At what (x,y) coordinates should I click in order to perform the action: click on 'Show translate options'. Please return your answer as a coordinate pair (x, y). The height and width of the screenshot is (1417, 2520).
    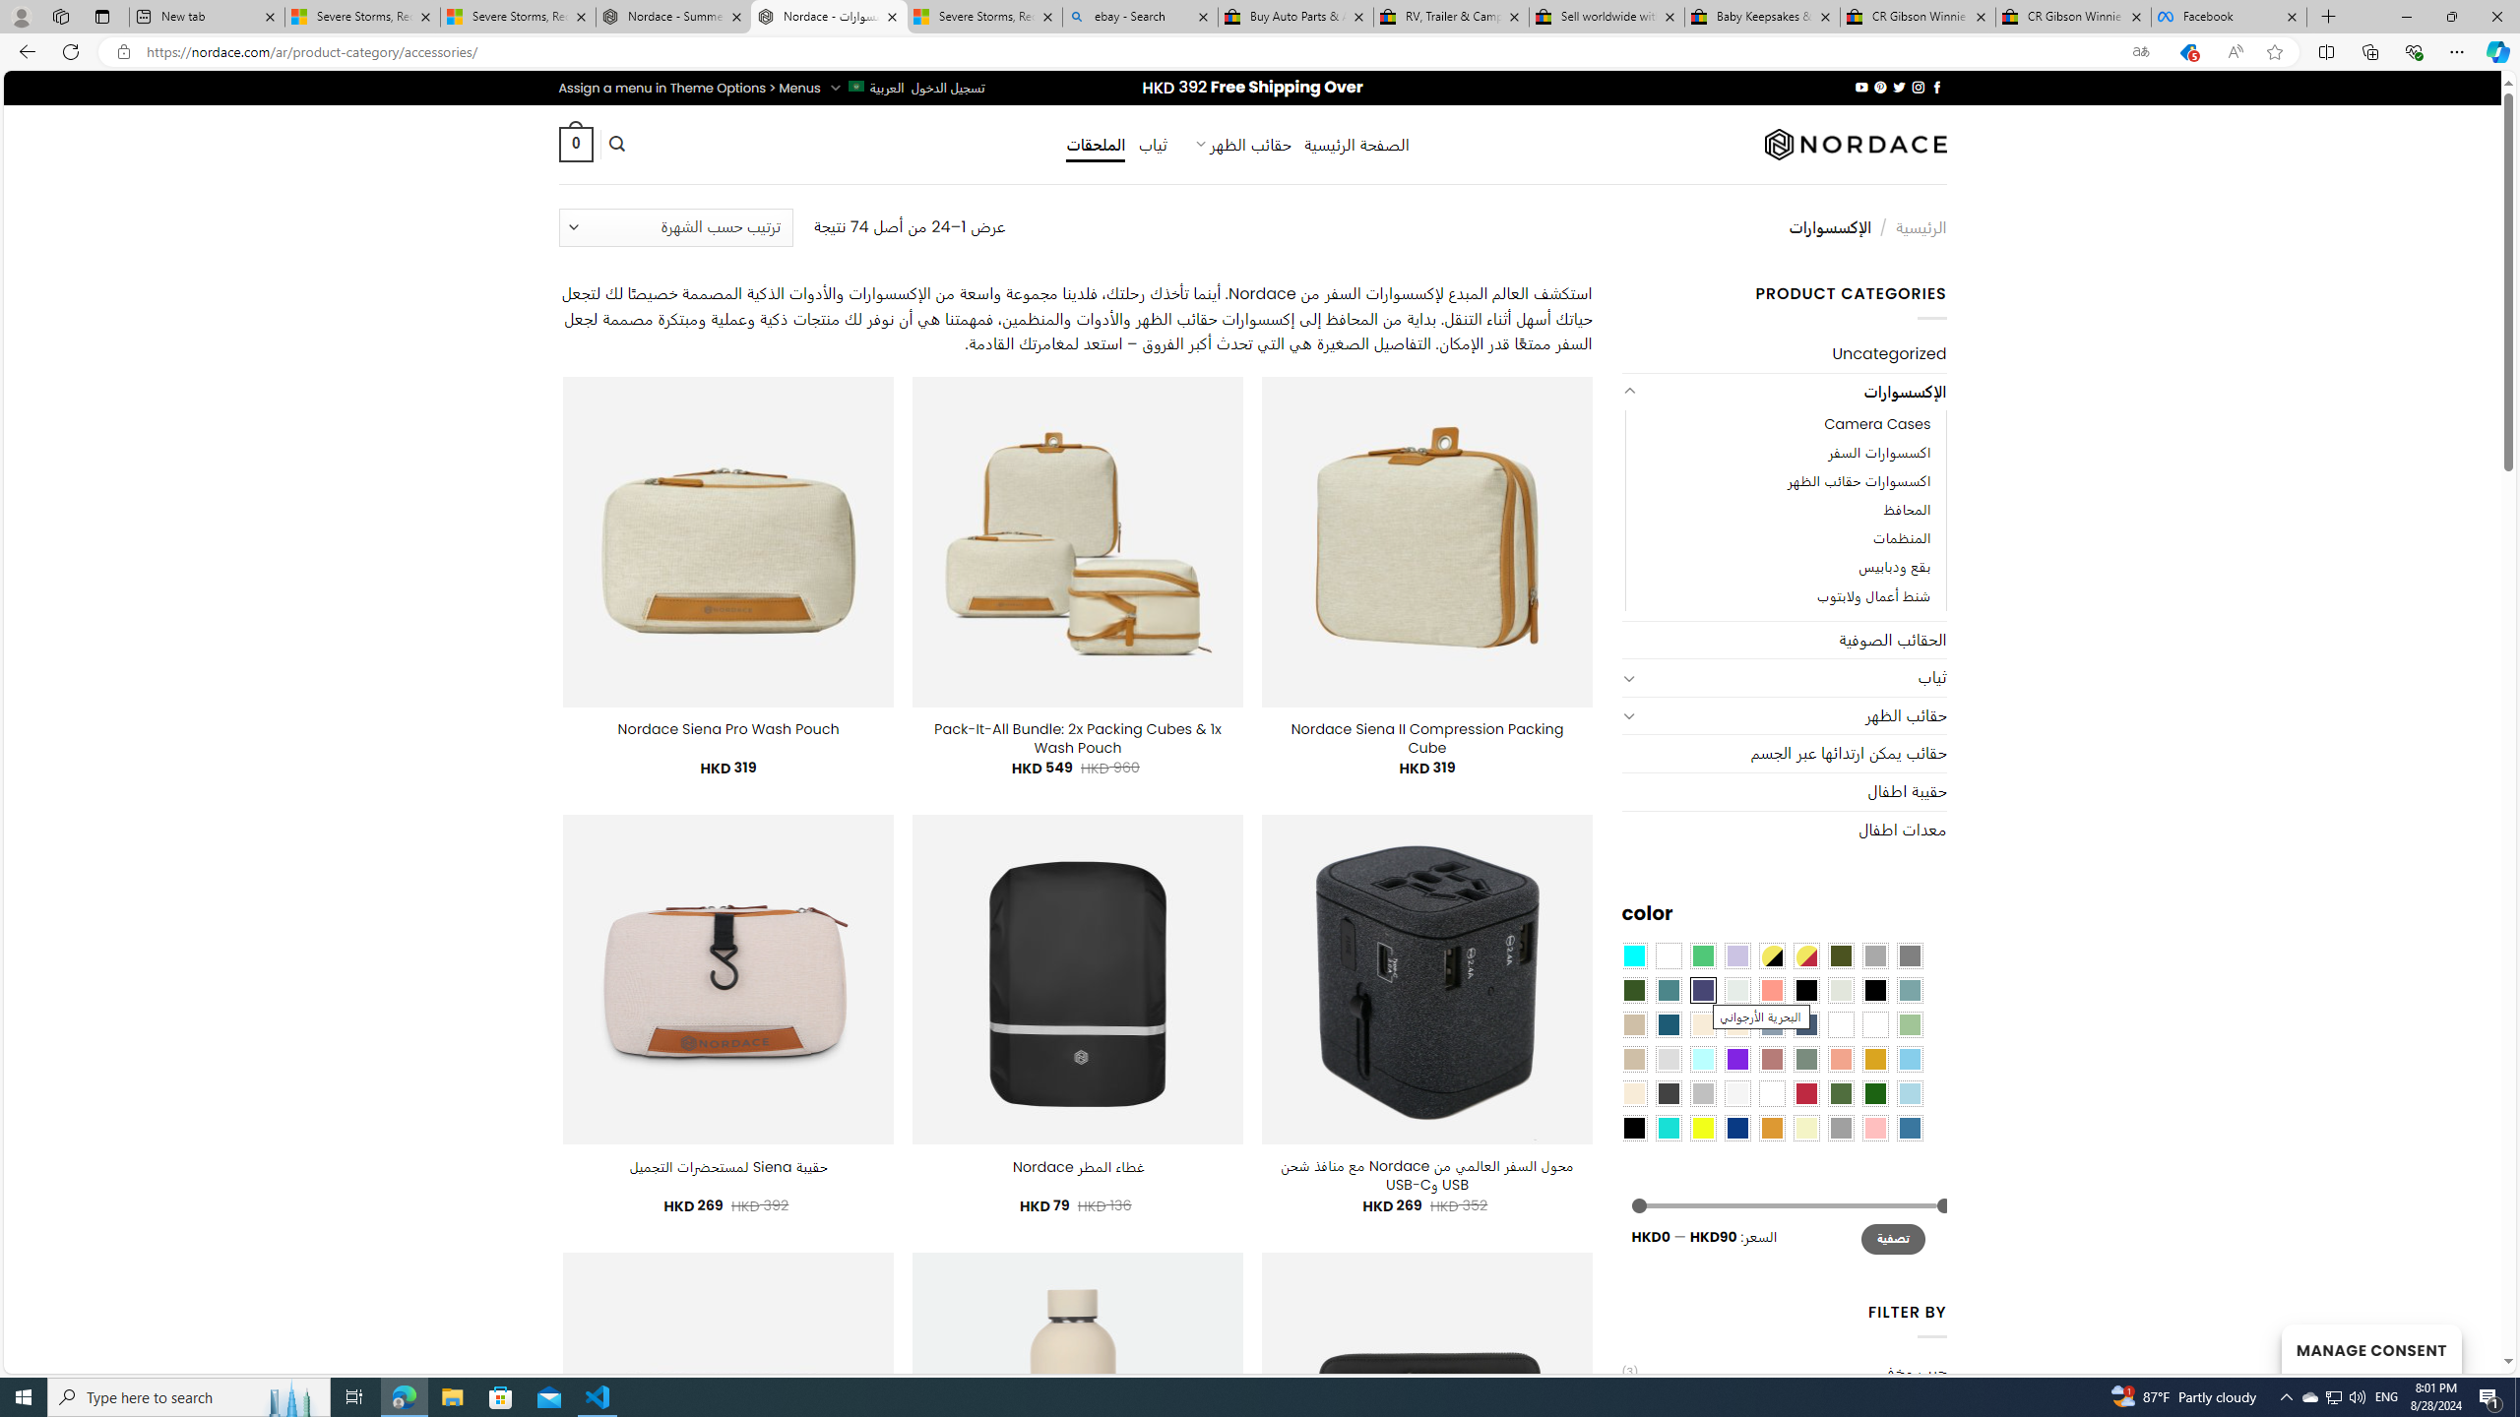
    Looking at the image, I should click on (2139, 52).